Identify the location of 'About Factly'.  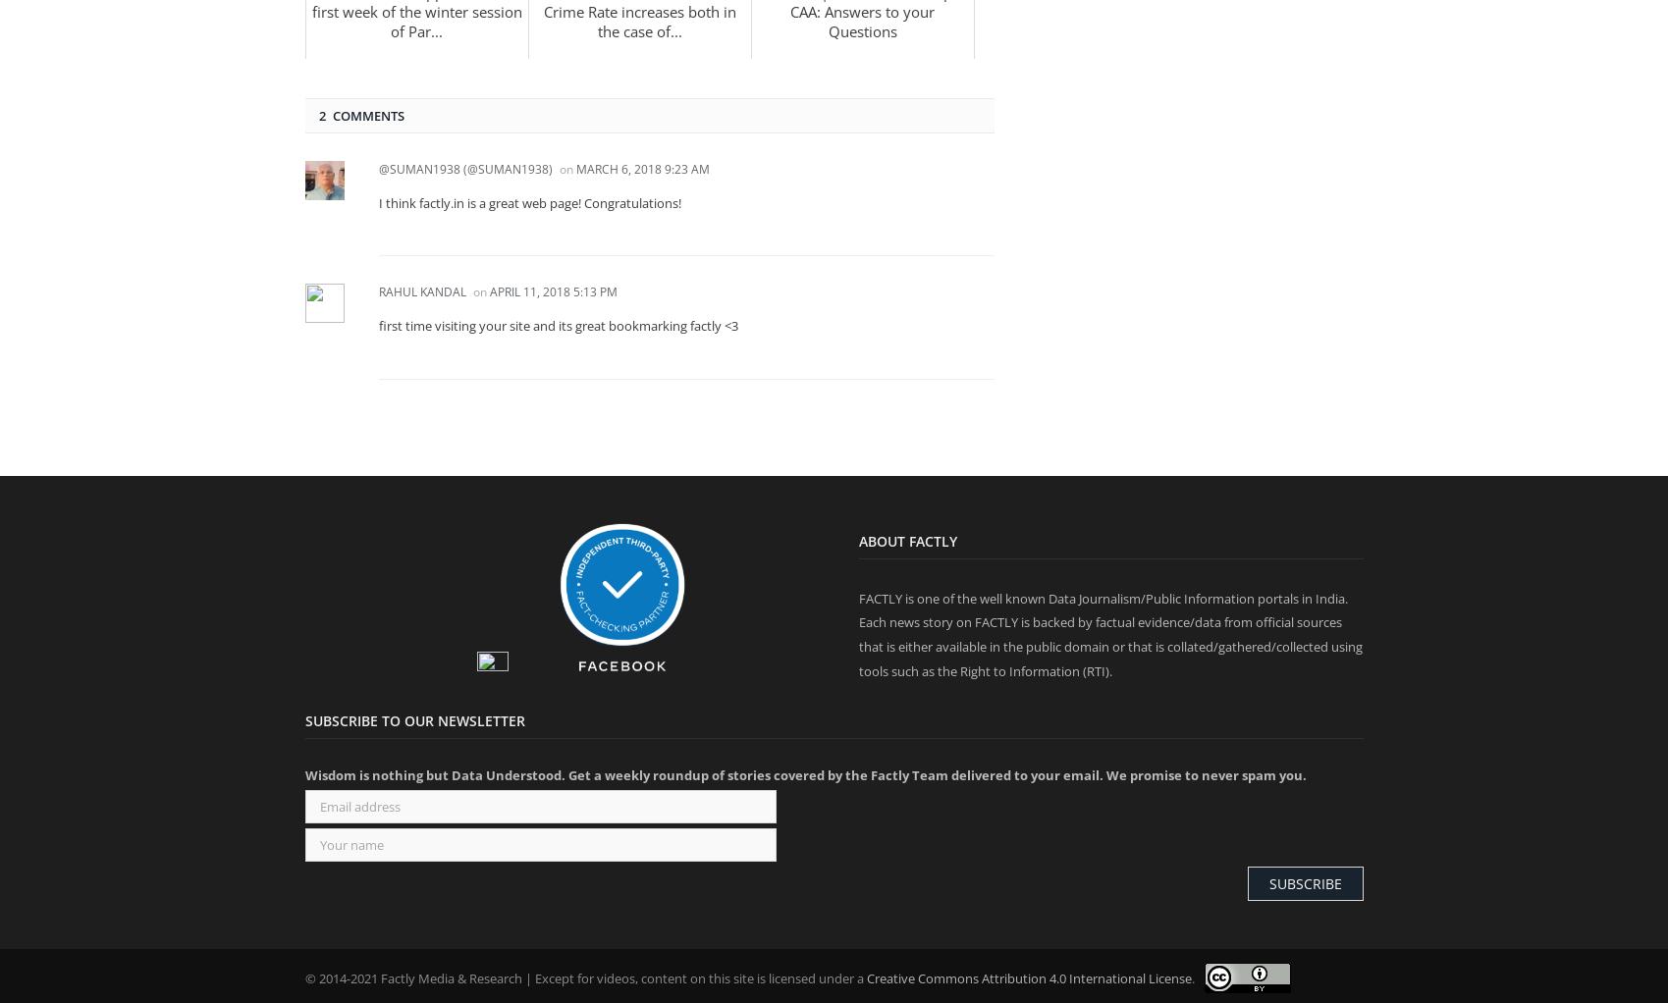
(856, 540).